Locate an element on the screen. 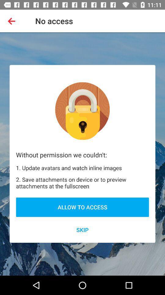  allow to access icon is located at coordinates (82, 207).